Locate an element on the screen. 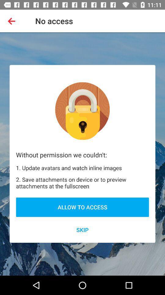  allow to access icon is located at coordinates (82, 207).